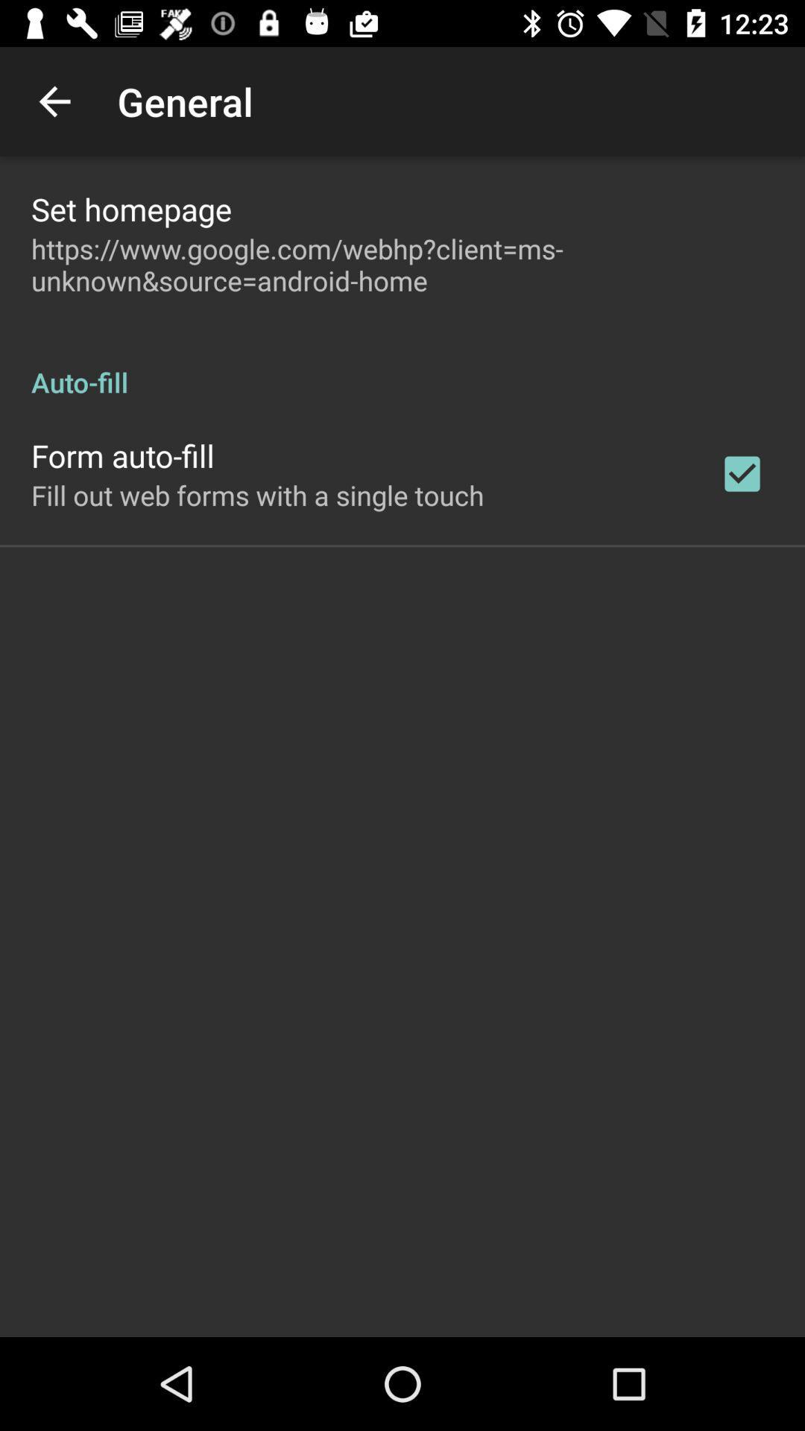 Image resolution: width=805 pixels, height=1431 pixels. Describe the element at coordinates (402, 265) in the screenshot. I see `https www google item` at that location.